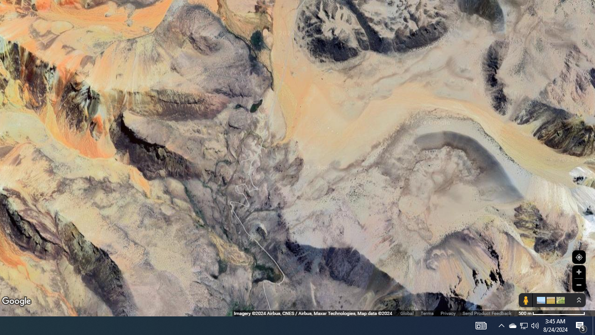  I want to click on '500 m', so click(552, 313).